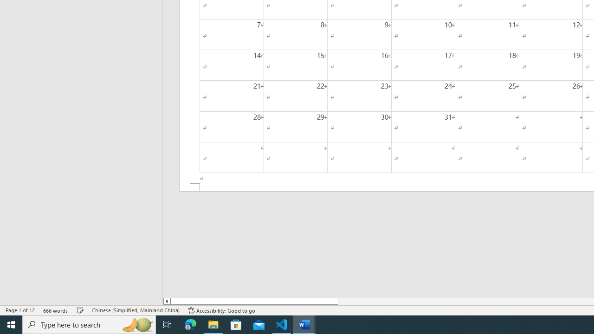 The height and width of the screenshot is (334, 594). What do you see at coordinates (135, 310) in the screenshot?
I see `'Language Chinese (Simplified, Mainland China)'` at bounding box center [135, 310].